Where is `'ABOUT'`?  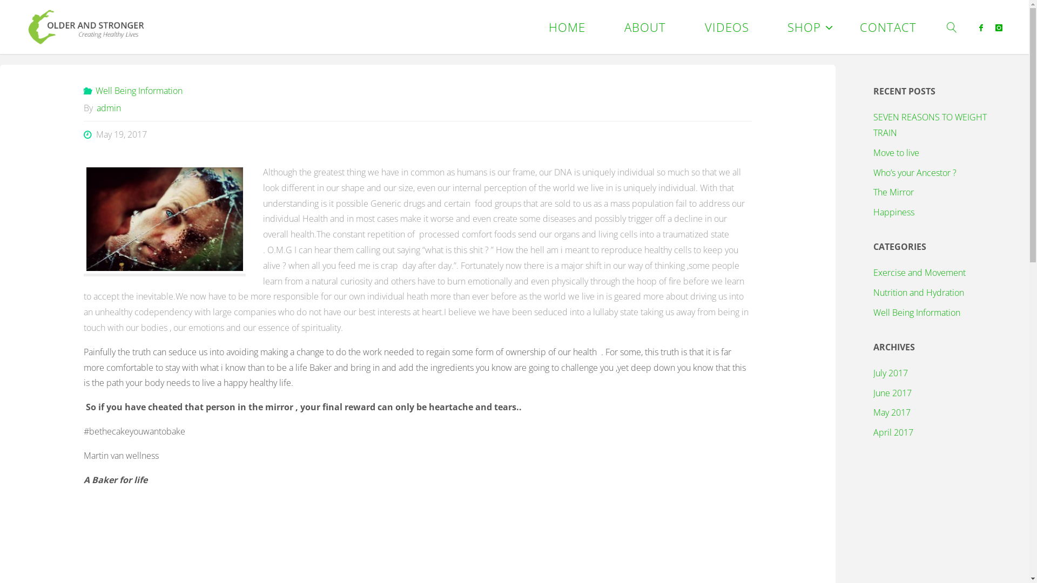 'ABOUT' is located at coordinates (645, 26).